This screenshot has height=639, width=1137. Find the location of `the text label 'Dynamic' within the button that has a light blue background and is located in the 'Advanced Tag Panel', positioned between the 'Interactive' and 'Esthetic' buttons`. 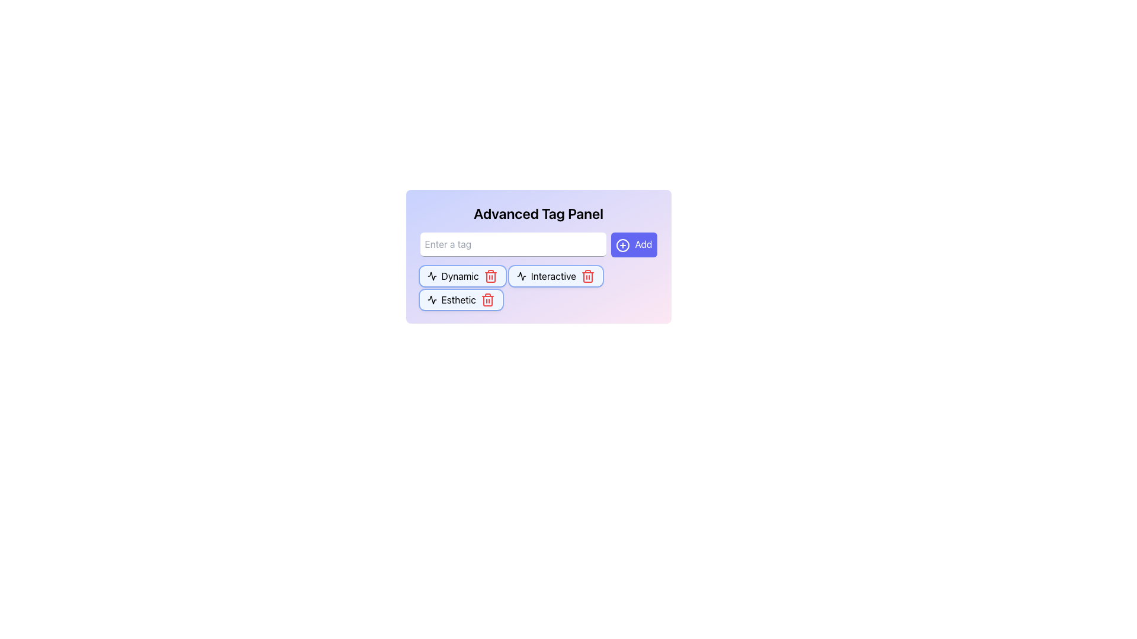

the text label 'Dynamic' within the button that has a light blue background and is located in the 'Advanced Tag Panel', positioned between the 'Interactive' and 'Esthetic' buttons is located at coordinates (460, 276).